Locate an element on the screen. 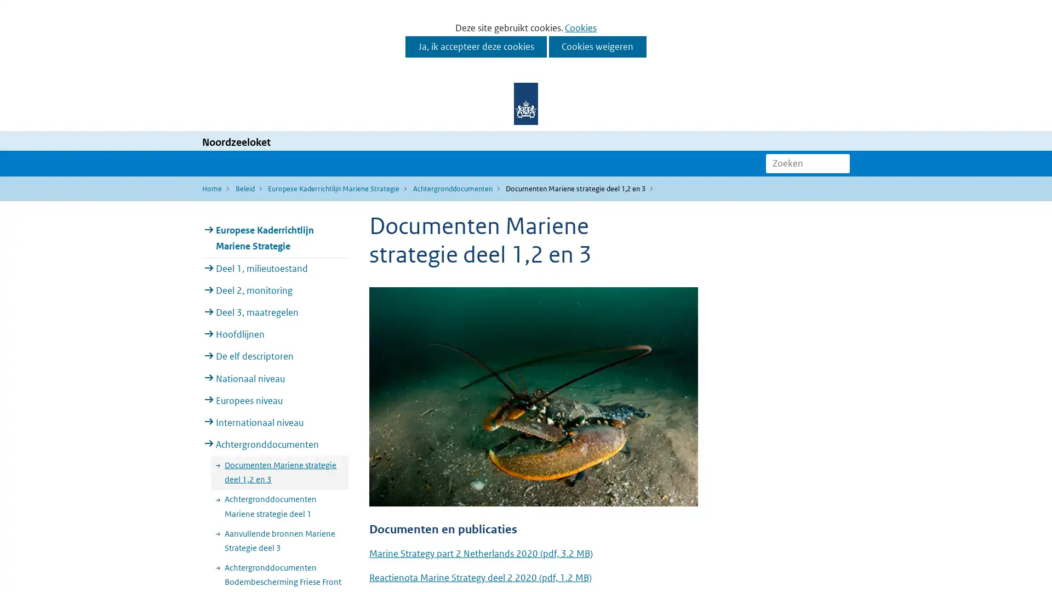 The image size is (1052, 592). Cookies weigeren is located at coordinates (597, 46).